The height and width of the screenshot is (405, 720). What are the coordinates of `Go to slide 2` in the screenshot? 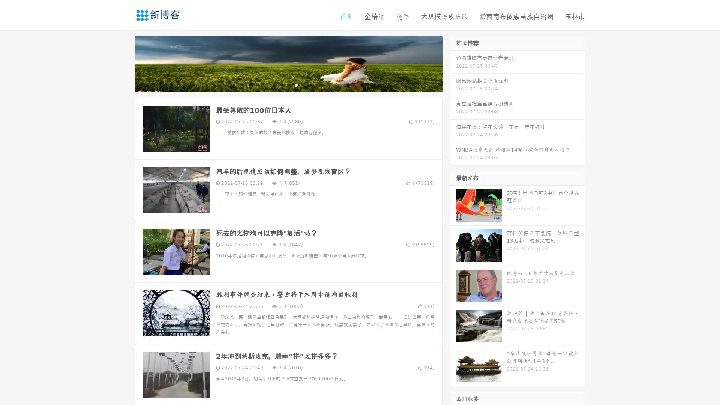 It's located at (288, 84).